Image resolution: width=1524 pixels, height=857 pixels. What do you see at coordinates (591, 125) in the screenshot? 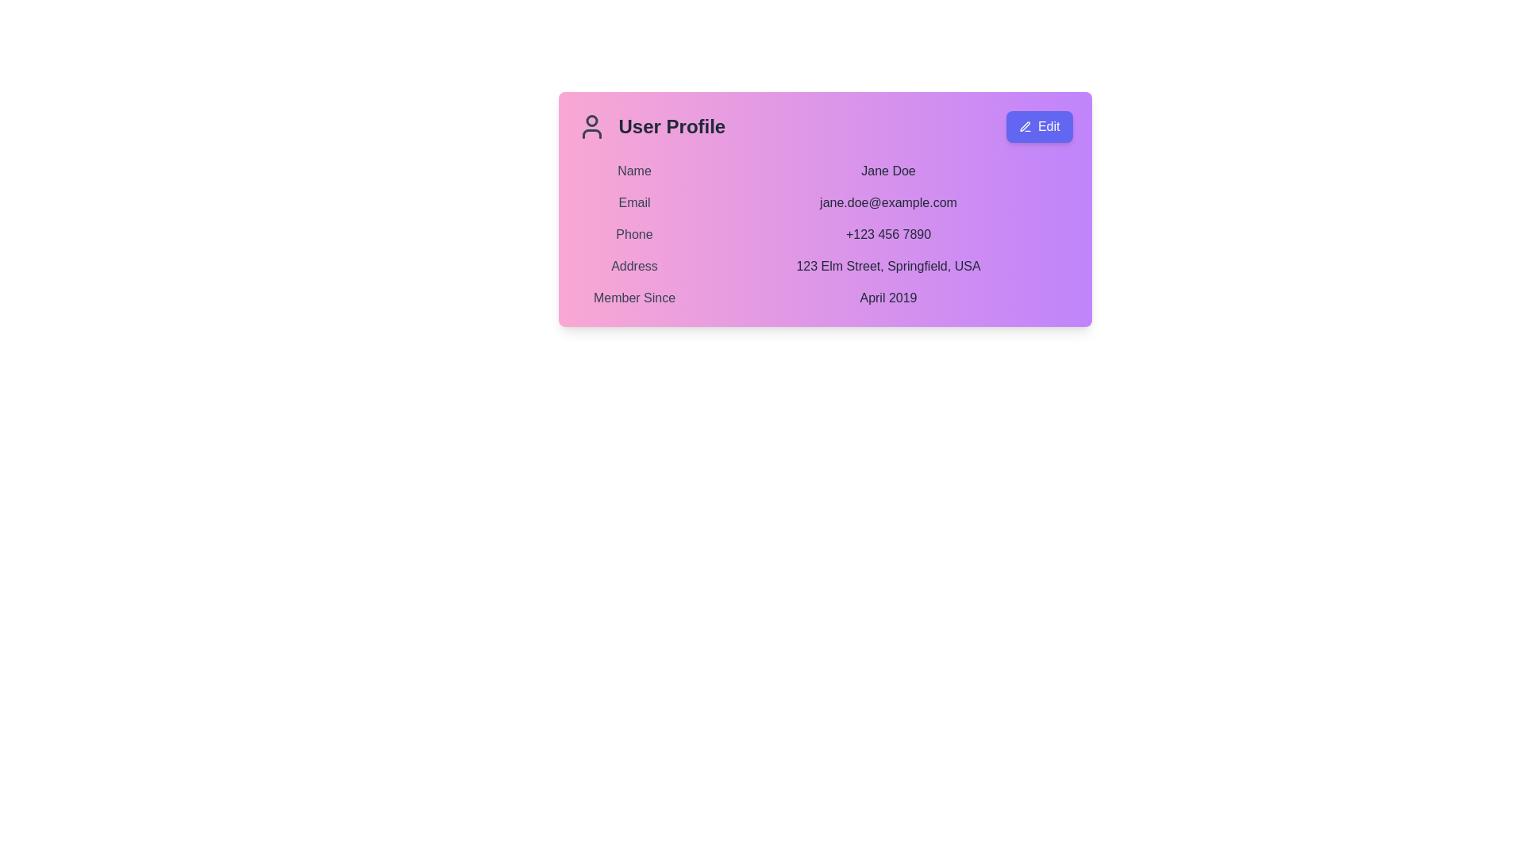
I see `the user icon, which is a circular head and torso outline styled in gray, located in the top-left corner of the card labeled 'User Profile'` at bounding box center [591, 125].